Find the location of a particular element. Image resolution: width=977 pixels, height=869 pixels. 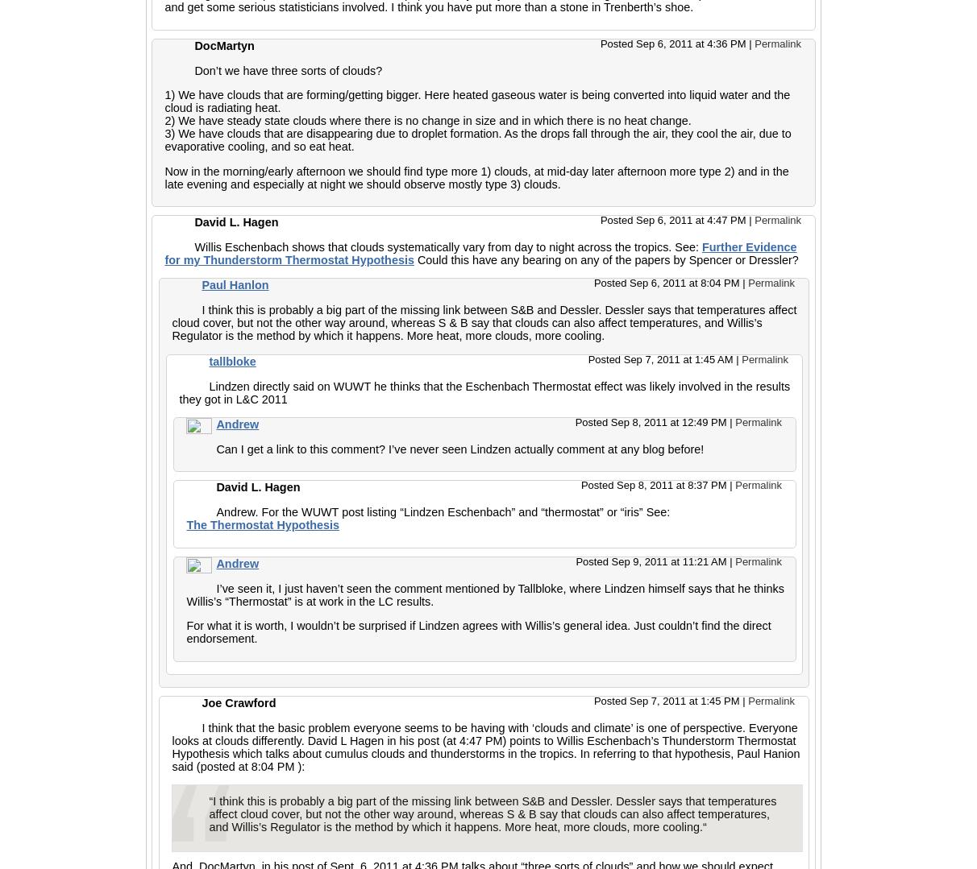

'Willis Eschenbach shows that clouds systematically vary from day to night across the tropics. See:' is located at coordinates (447, 246).